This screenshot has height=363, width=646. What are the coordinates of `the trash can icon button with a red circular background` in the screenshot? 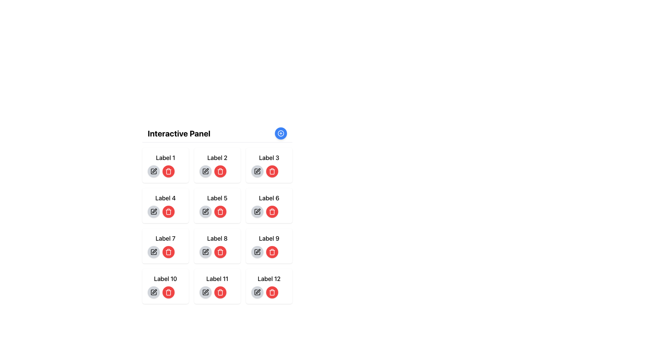 It's located at (220, 292).